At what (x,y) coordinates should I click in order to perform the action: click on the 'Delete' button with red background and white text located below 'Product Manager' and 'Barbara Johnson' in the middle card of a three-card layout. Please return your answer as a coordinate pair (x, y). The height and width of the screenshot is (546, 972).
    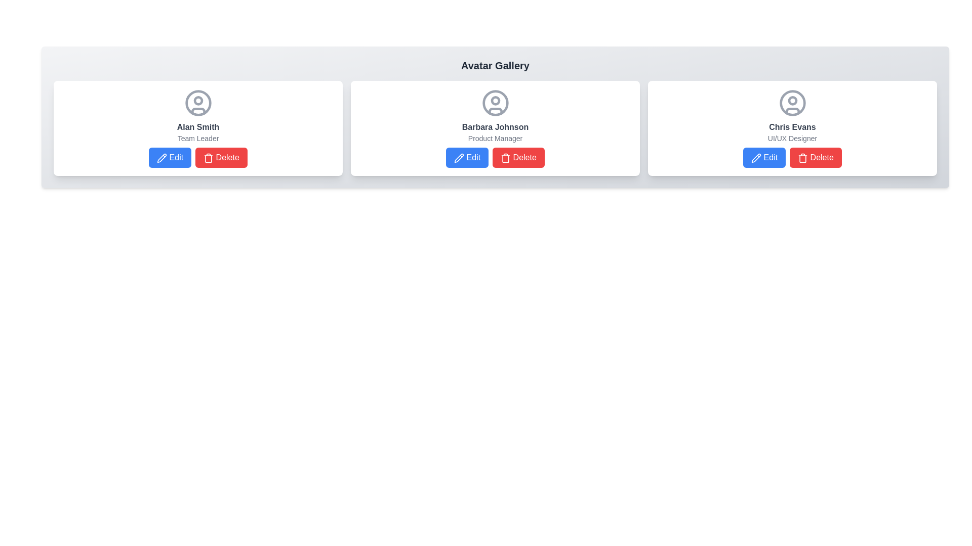
    Looking at the image, I should click on (495, 158).